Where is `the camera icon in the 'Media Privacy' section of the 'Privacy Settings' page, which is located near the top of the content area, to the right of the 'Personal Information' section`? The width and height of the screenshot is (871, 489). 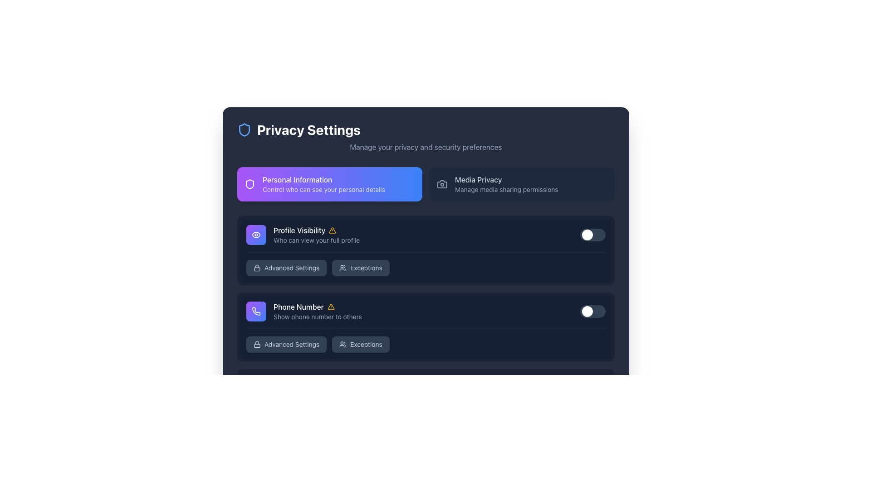 the camera icon in the 'Media Privacy' section of the 'Privacy Settings' page, which is located near the top of the content area, to the right of the 'Personal Information' section is located at coordinates (442, 184).